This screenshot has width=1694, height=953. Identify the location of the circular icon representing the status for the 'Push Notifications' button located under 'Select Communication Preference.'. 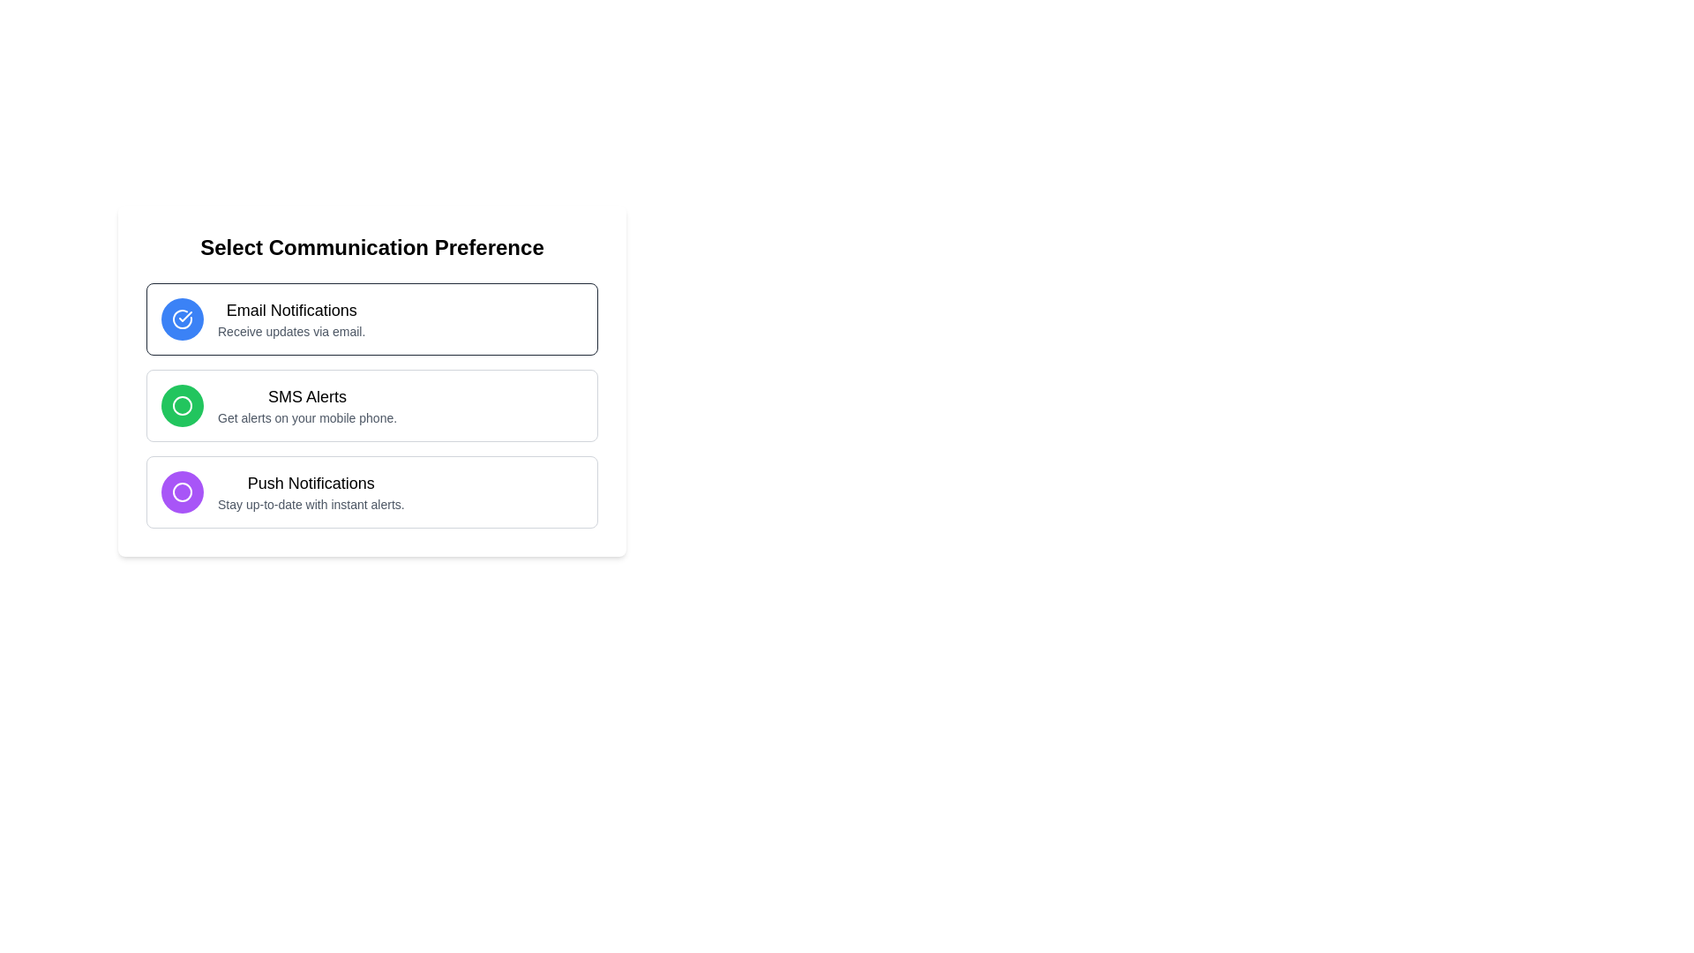
(182, 492).